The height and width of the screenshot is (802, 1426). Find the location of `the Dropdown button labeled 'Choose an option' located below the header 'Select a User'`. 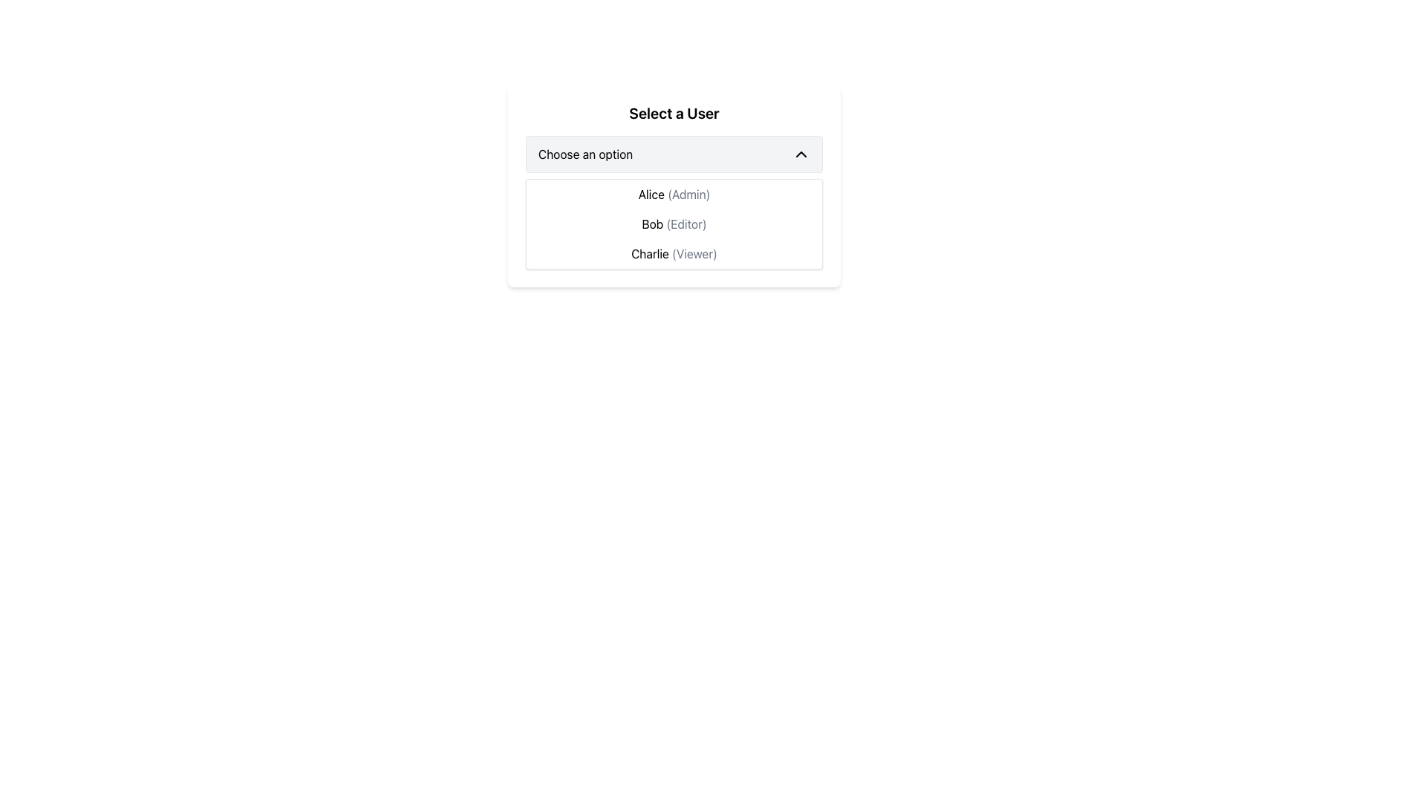

the Dropdown button labeled 'Choose an option' located below the header 'Select a User' is located at coordinates (673, 154).